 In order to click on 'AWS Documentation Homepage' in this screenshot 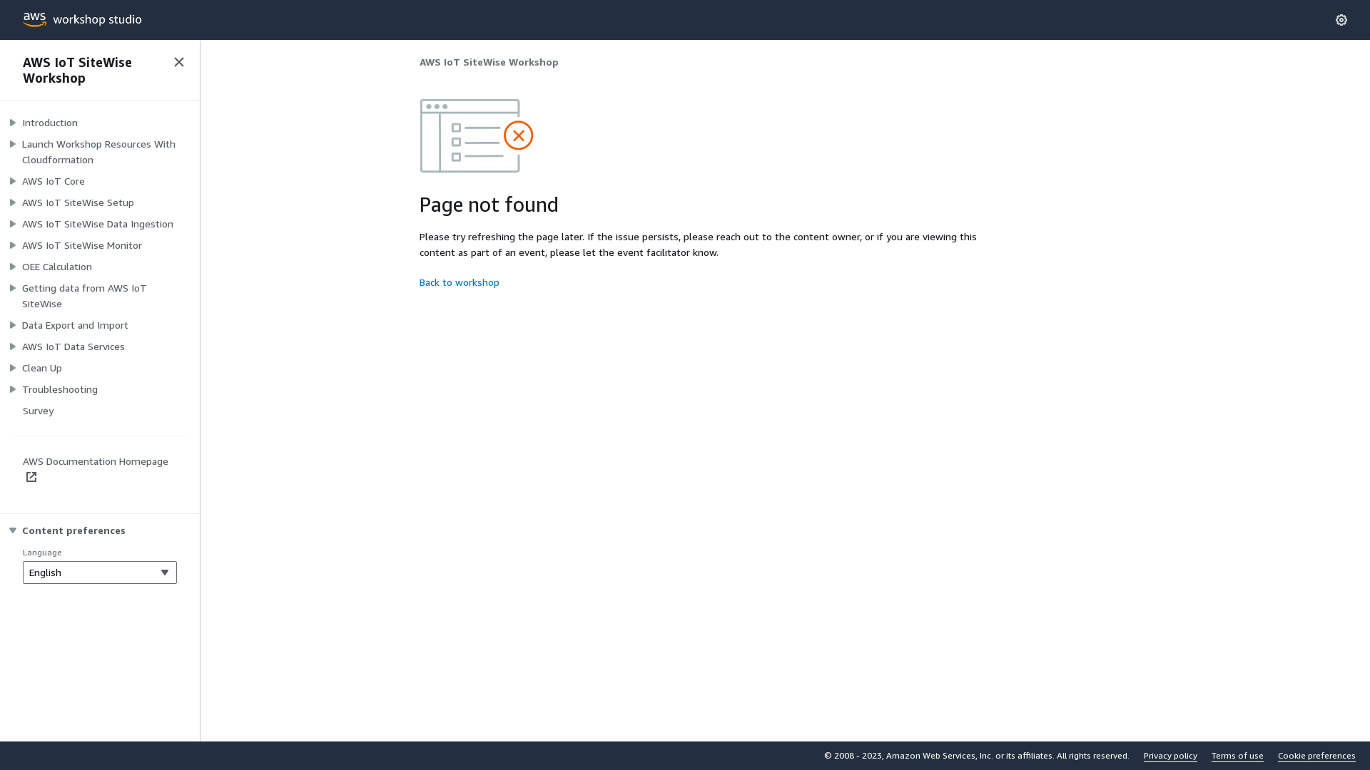, I will do `click(95, 468)`.